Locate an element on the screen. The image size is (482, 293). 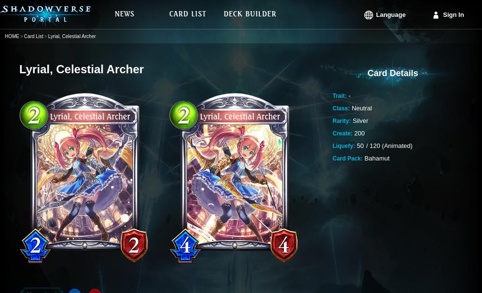
'Silver' is located at coordinates (360, 120).